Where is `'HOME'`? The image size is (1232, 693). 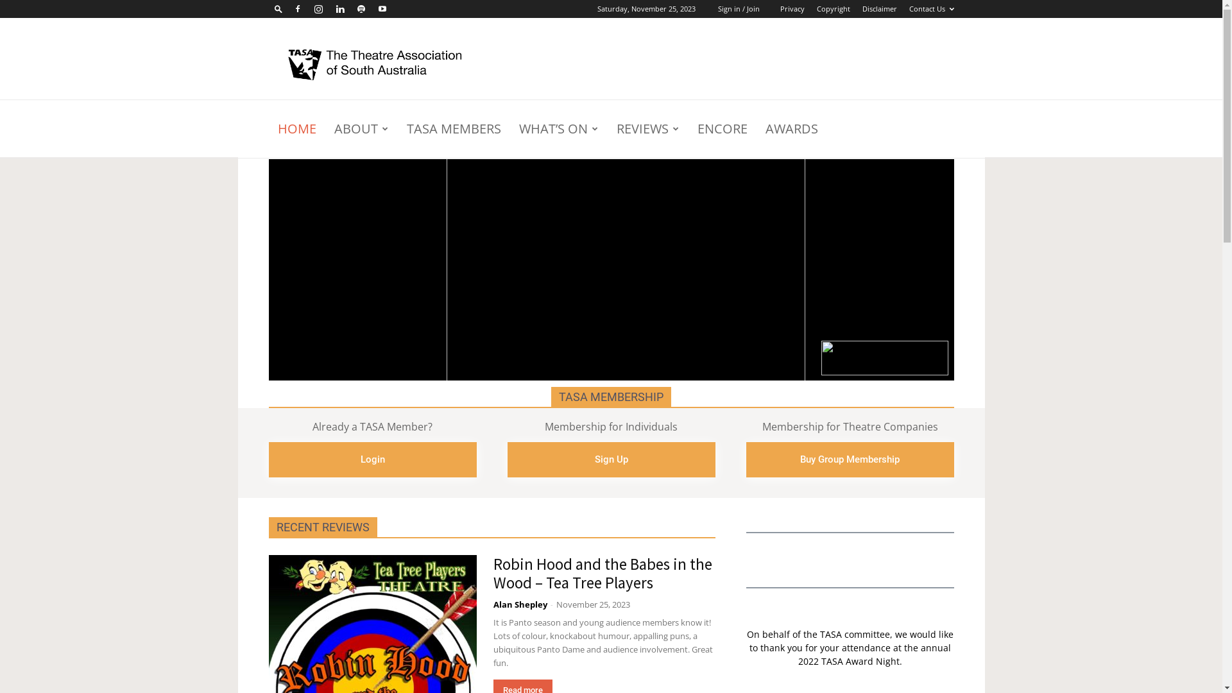 'HOME' is located at coordinates (295, 128).